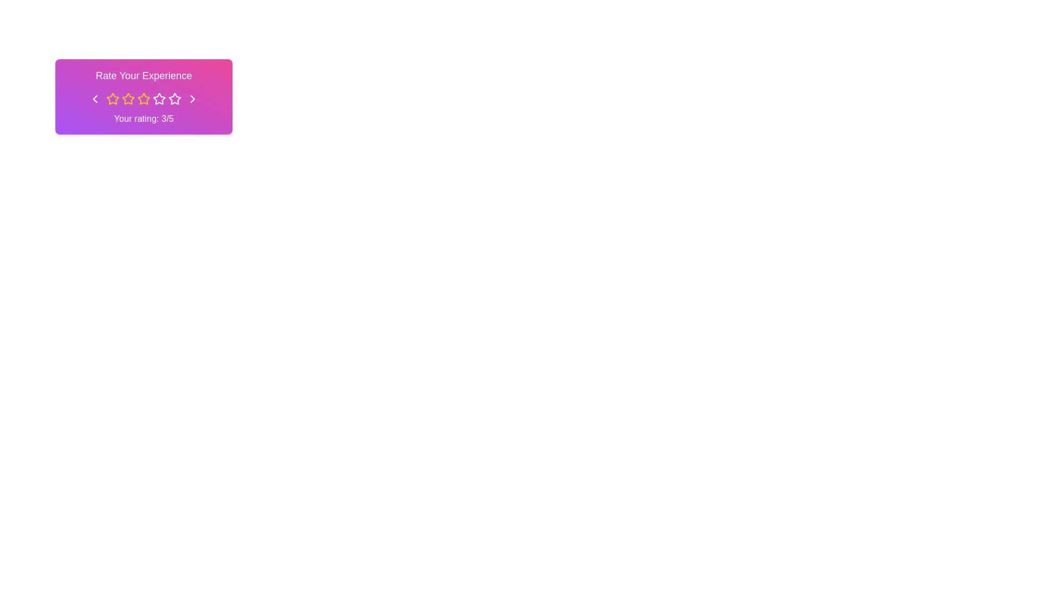  Describe the element at coordinates (112, 98) in the screenshot. I see `the first star icon in the rating widget` at that location.